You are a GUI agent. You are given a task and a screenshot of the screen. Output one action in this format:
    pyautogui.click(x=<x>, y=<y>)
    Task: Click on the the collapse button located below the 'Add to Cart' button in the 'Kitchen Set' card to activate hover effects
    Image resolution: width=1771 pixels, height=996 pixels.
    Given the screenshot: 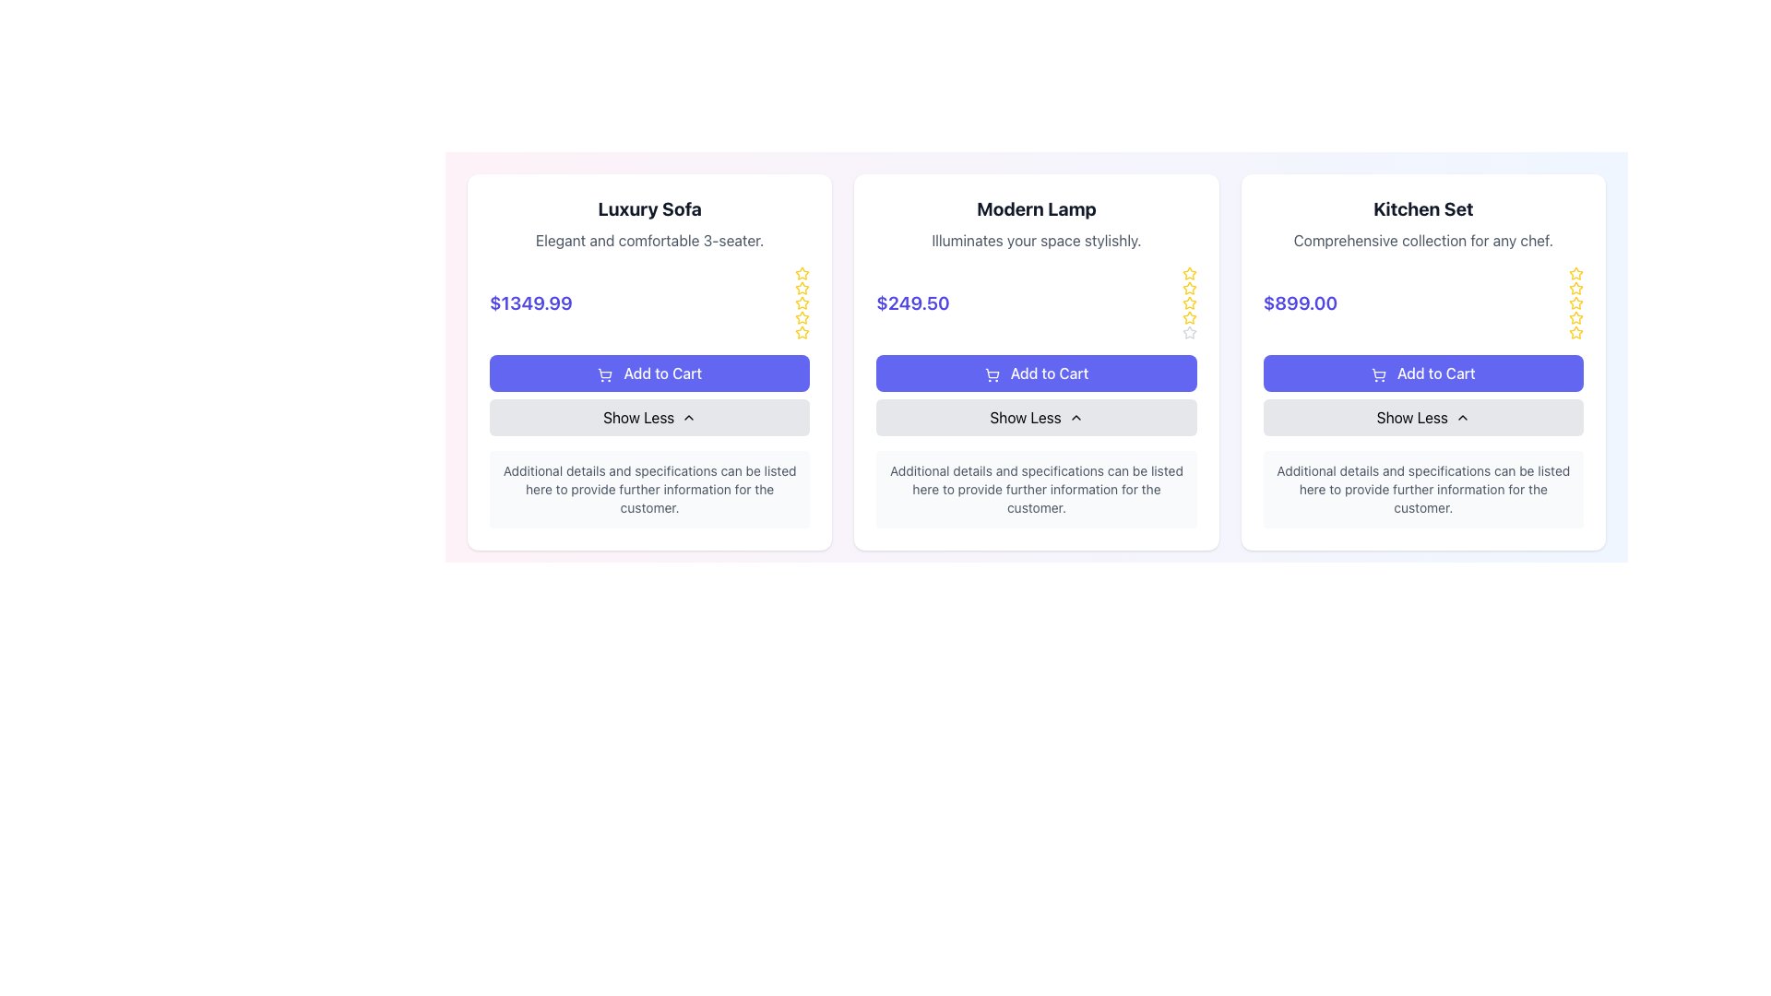 What is the action you would take?
    pyautogui.click(x=1422, y=417)
    